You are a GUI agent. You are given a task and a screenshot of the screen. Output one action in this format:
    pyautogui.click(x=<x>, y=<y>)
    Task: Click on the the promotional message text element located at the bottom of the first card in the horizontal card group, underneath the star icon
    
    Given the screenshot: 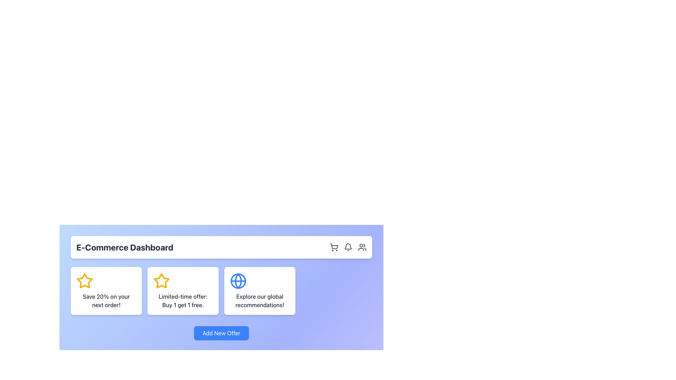 What is the action you would take?
    pyautogui.click(x=106, y=301)
    